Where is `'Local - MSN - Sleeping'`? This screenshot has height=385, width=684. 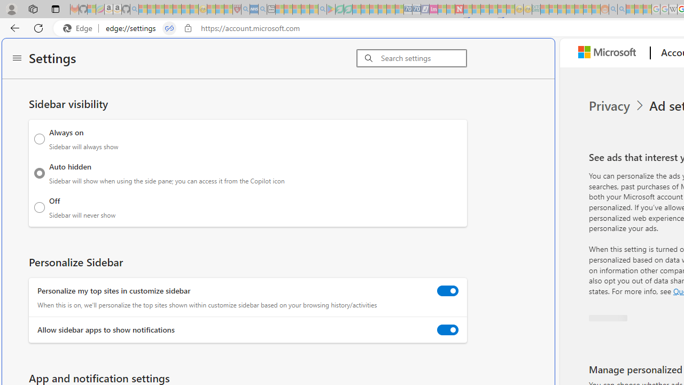
'Local - MSN - Sleeping' is located at coordinates (228, 9).